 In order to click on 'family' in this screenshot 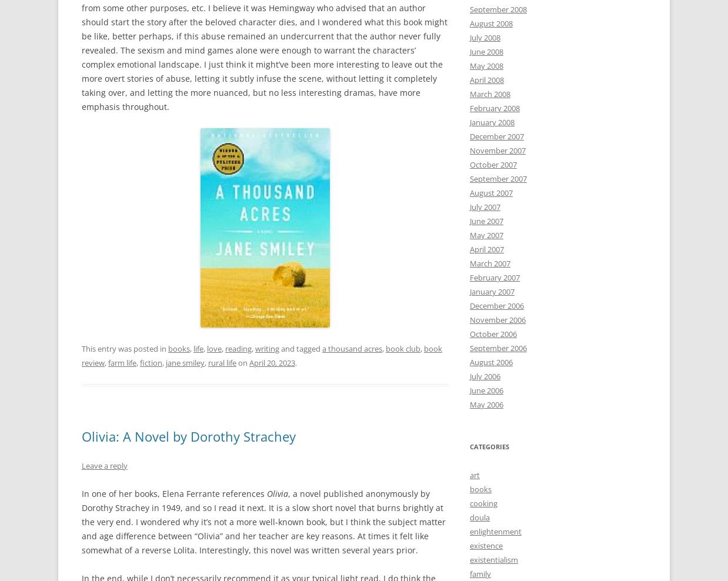, I will do `click(480, 574)`.